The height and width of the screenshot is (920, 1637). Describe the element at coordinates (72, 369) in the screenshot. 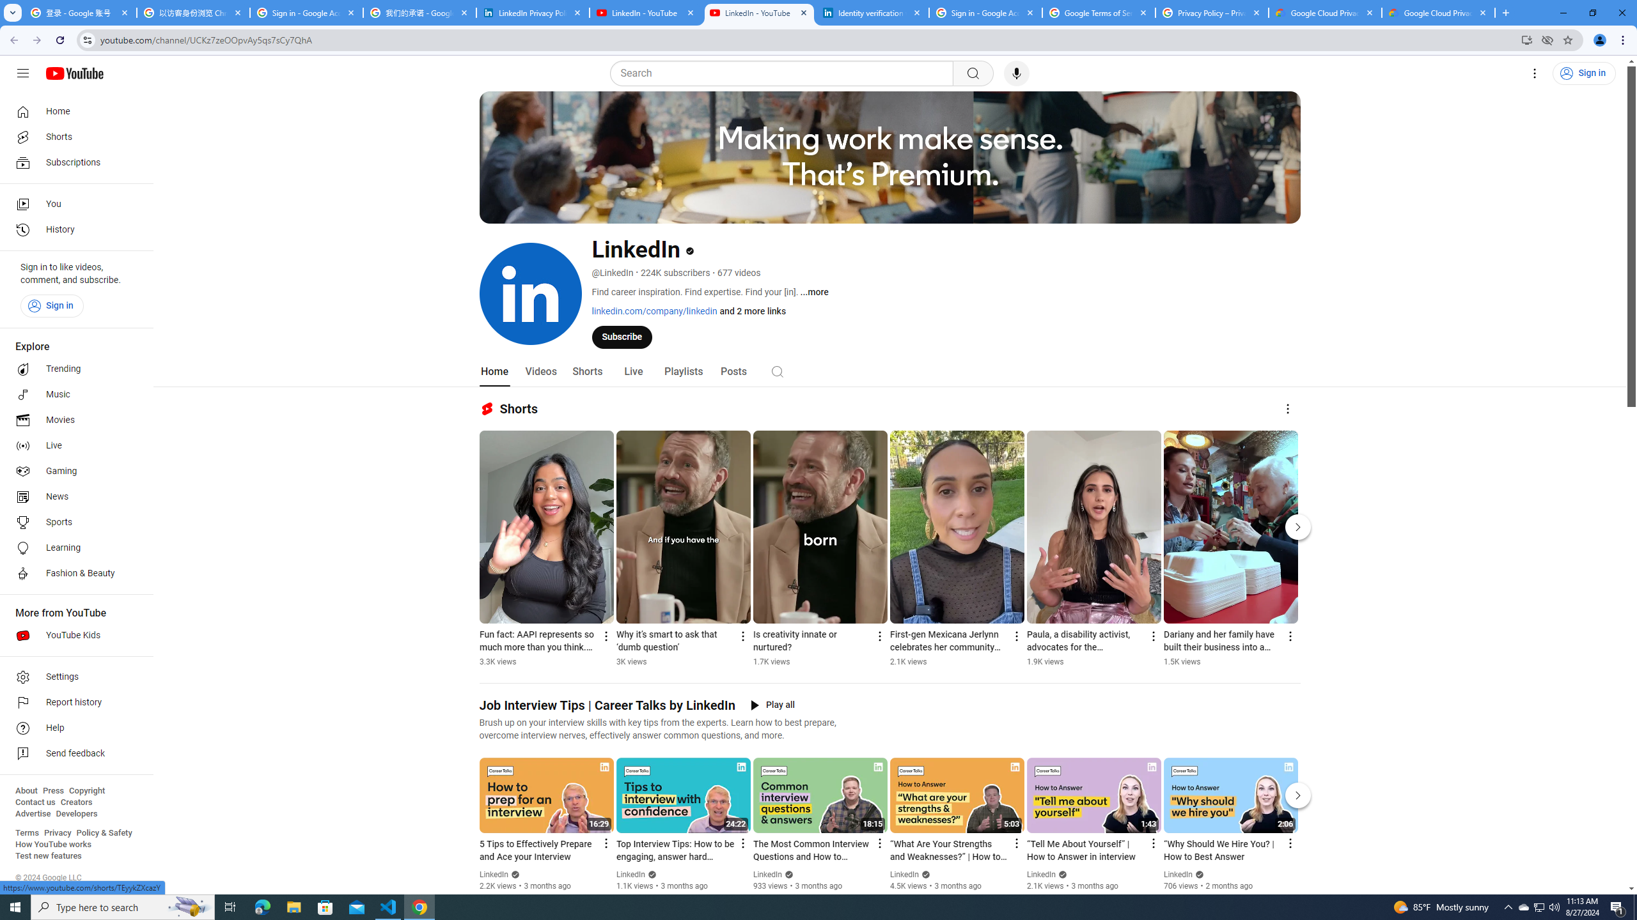

I see `'Trending'` at that location.